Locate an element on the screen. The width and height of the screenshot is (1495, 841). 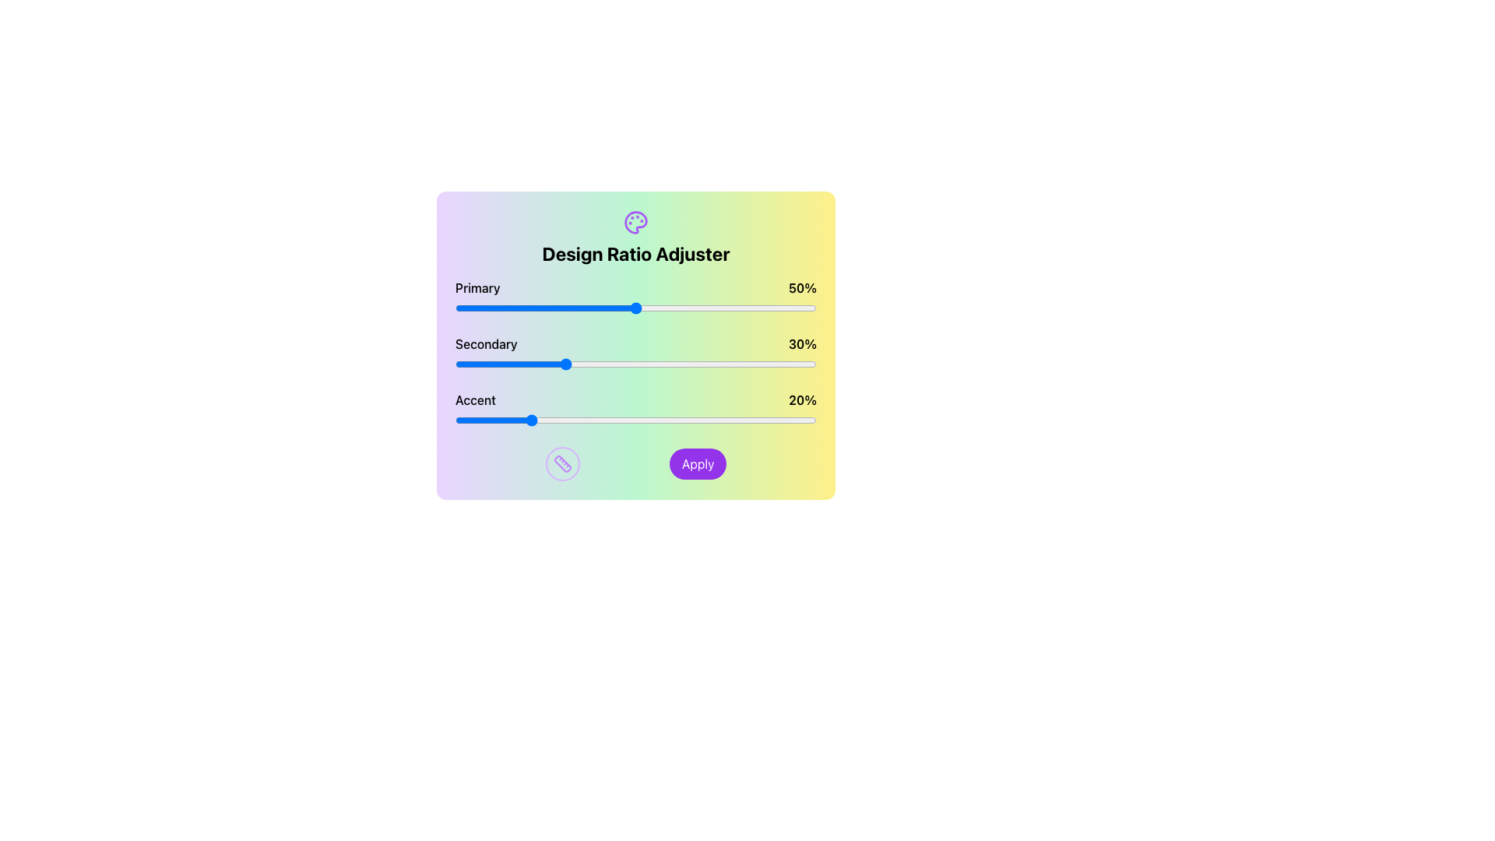
the Text Label indicating the current percentage value for the 'Accent' parameter in the 'Design Ratio Adjuster' panel is located at coordinates (803, 399).